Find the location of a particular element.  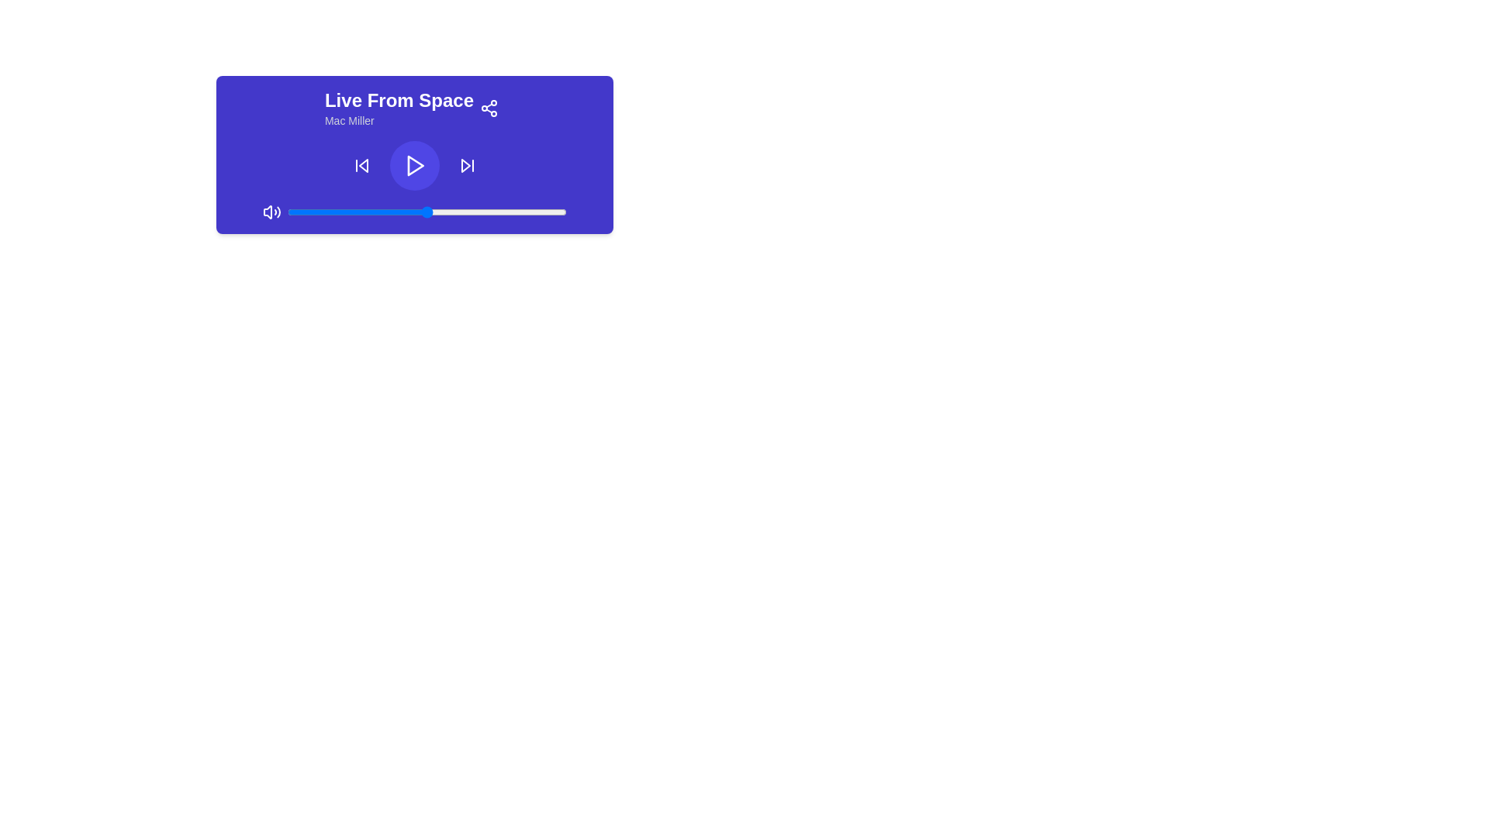

the small circular button with a share symbol located at the upper-right corner of the media player interface is located at coordinates (489, 107).